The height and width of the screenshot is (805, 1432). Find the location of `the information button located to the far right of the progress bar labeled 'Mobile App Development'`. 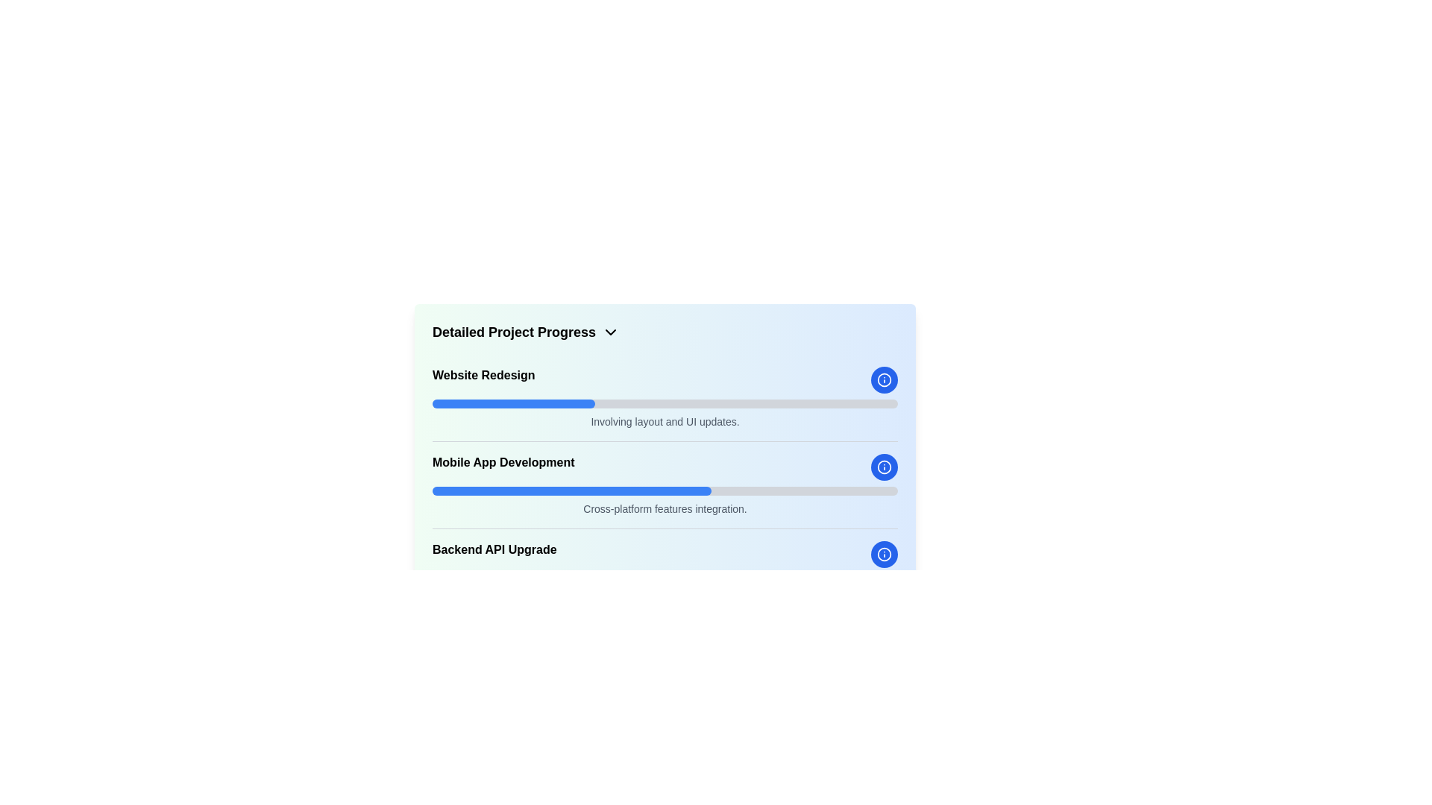

the information button located to the far right of the progress bar labeled 'Mobile App Development' is located at coordinates (884, 467).